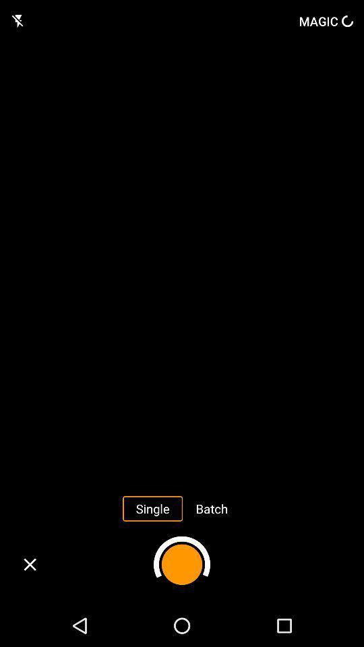 The height and width of the screenshot is (647, 364). Describe the element at coordinates (152, 507) in the screenshot. I see `the icon next to batch icon` at that location.